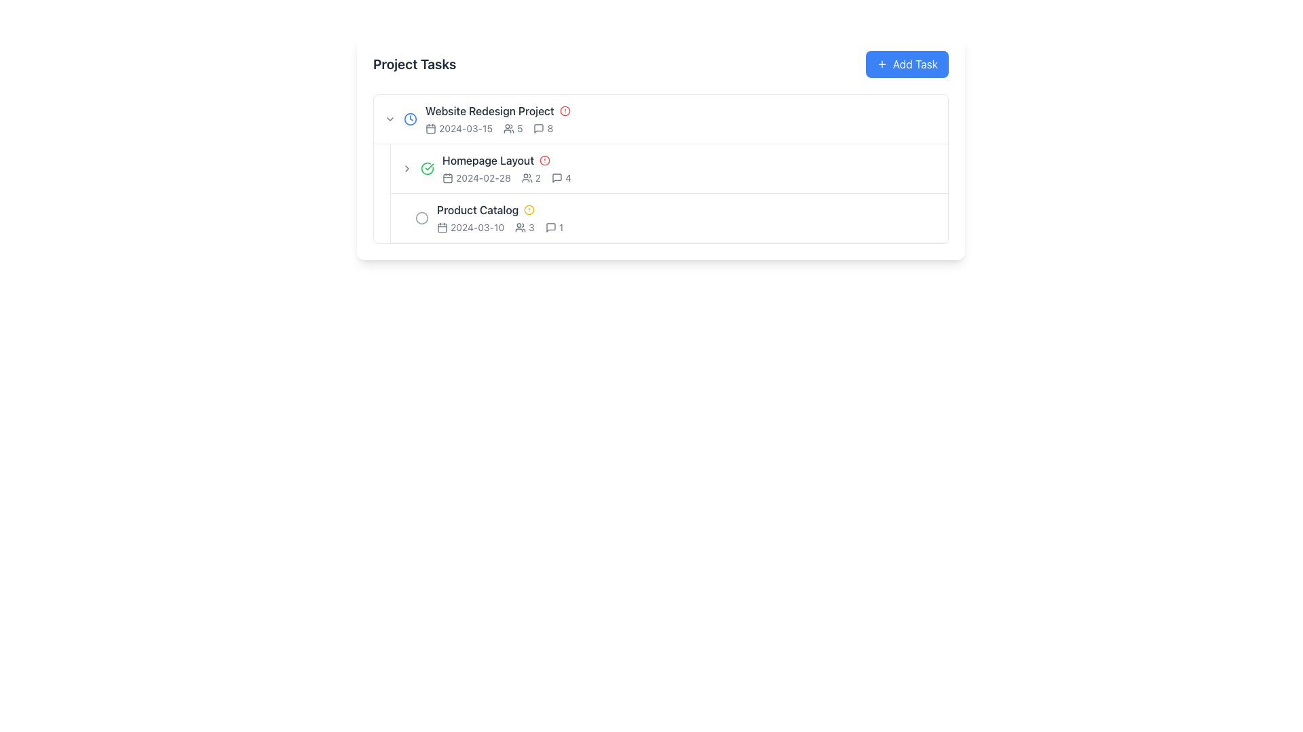 This screenshot has height=732, width=1303. Describe the element at coordinates (512, 128) in the screenshot. I see `the second '5' numeral in the 'Website Redesign Project' row, which represents the count of individuals associated with the project` at that location.